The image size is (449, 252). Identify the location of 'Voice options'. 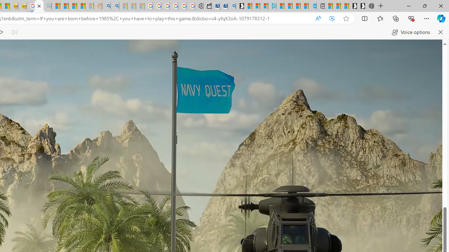
(411, 32).